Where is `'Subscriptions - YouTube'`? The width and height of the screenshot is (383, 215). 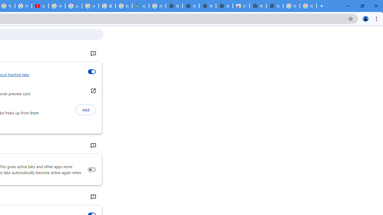 'Subscriptions - YouTube' is located at coordinates (40, 6).